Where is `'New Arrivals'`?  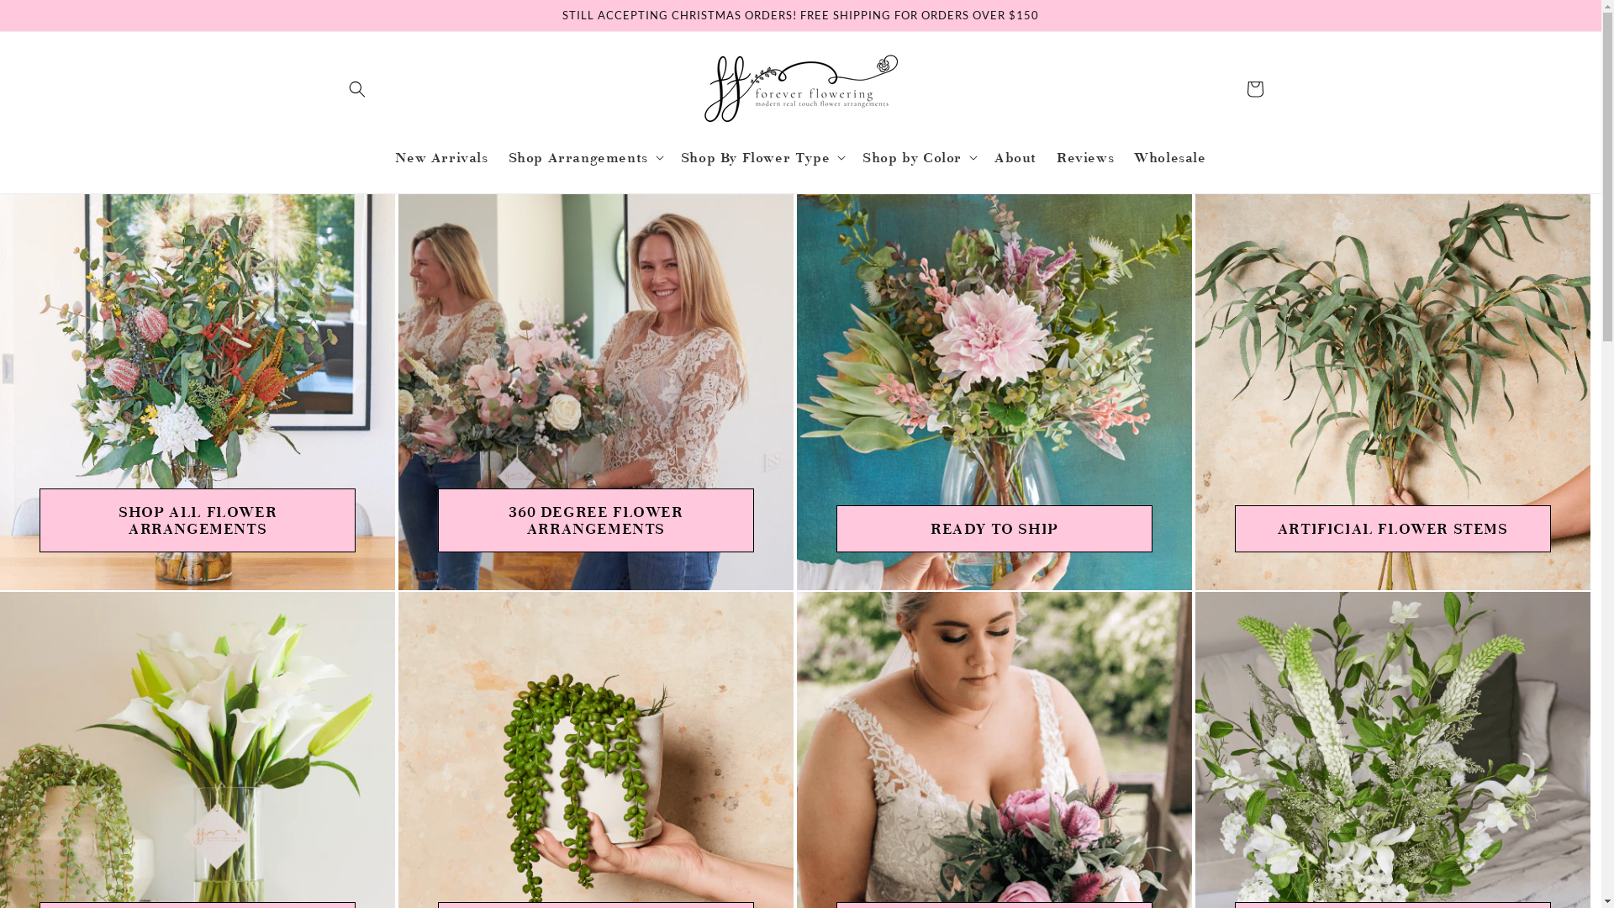 'New Arrivals' is located at coordinates (440, 156).